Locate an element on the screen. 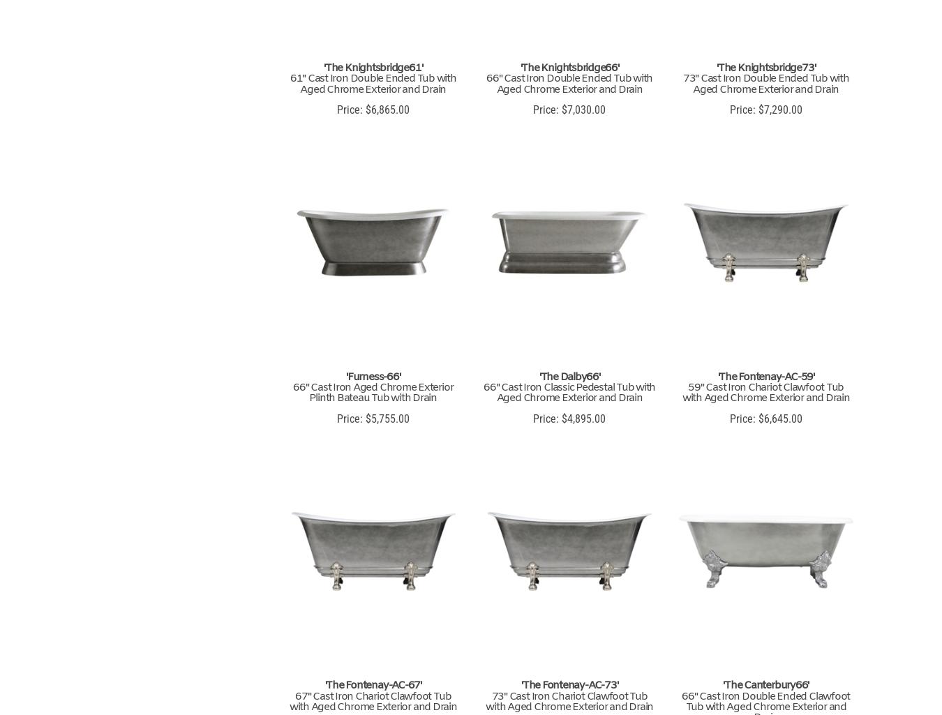 Image resolution: width=942 pixels, height=715 pixels. '66" Cast Iron Double Ended Tub with Aged Chrome Exterior and Drain' is located at coordinates (569, 84).